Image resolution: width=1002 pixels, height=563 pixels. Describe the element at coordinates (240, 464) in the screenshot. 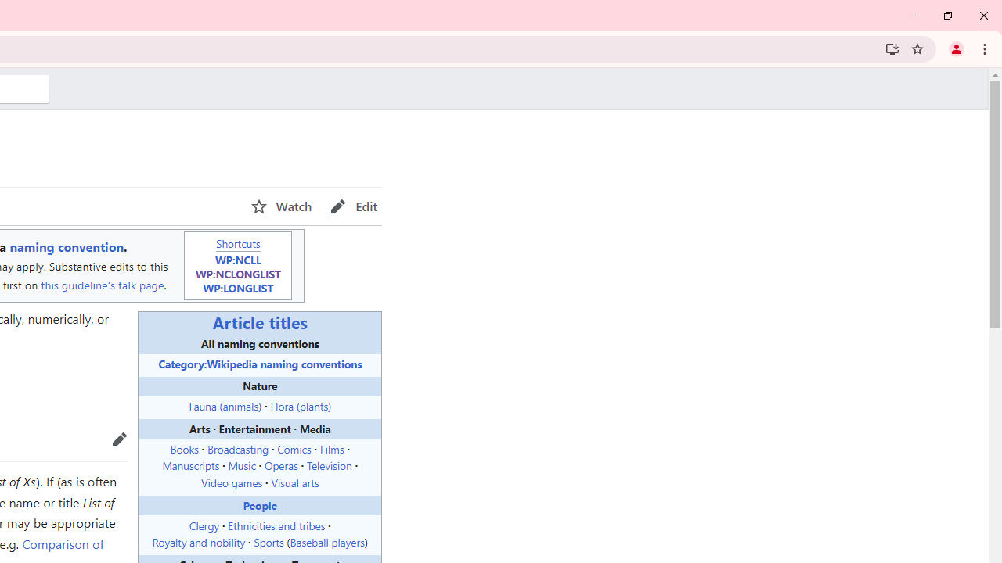

I see `'Music'` at that location.